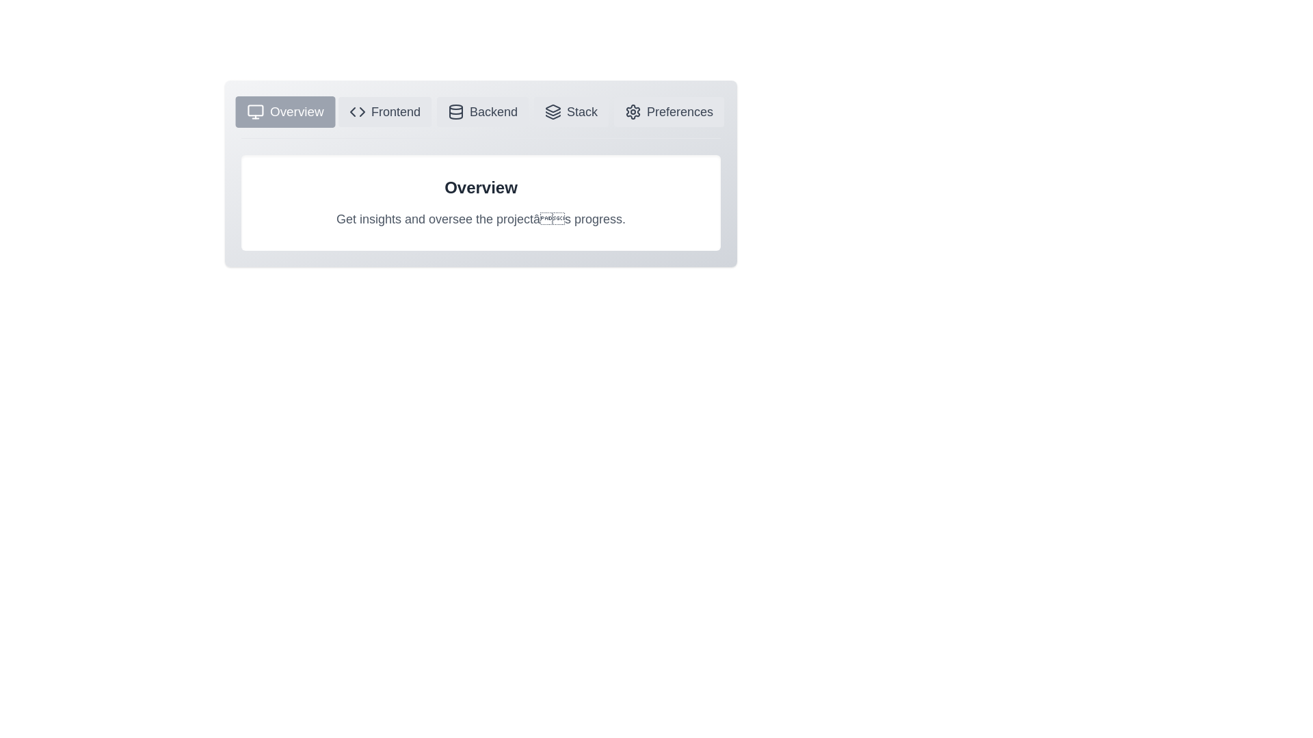  I want to click on the Preferences tab, so click(669, 111).